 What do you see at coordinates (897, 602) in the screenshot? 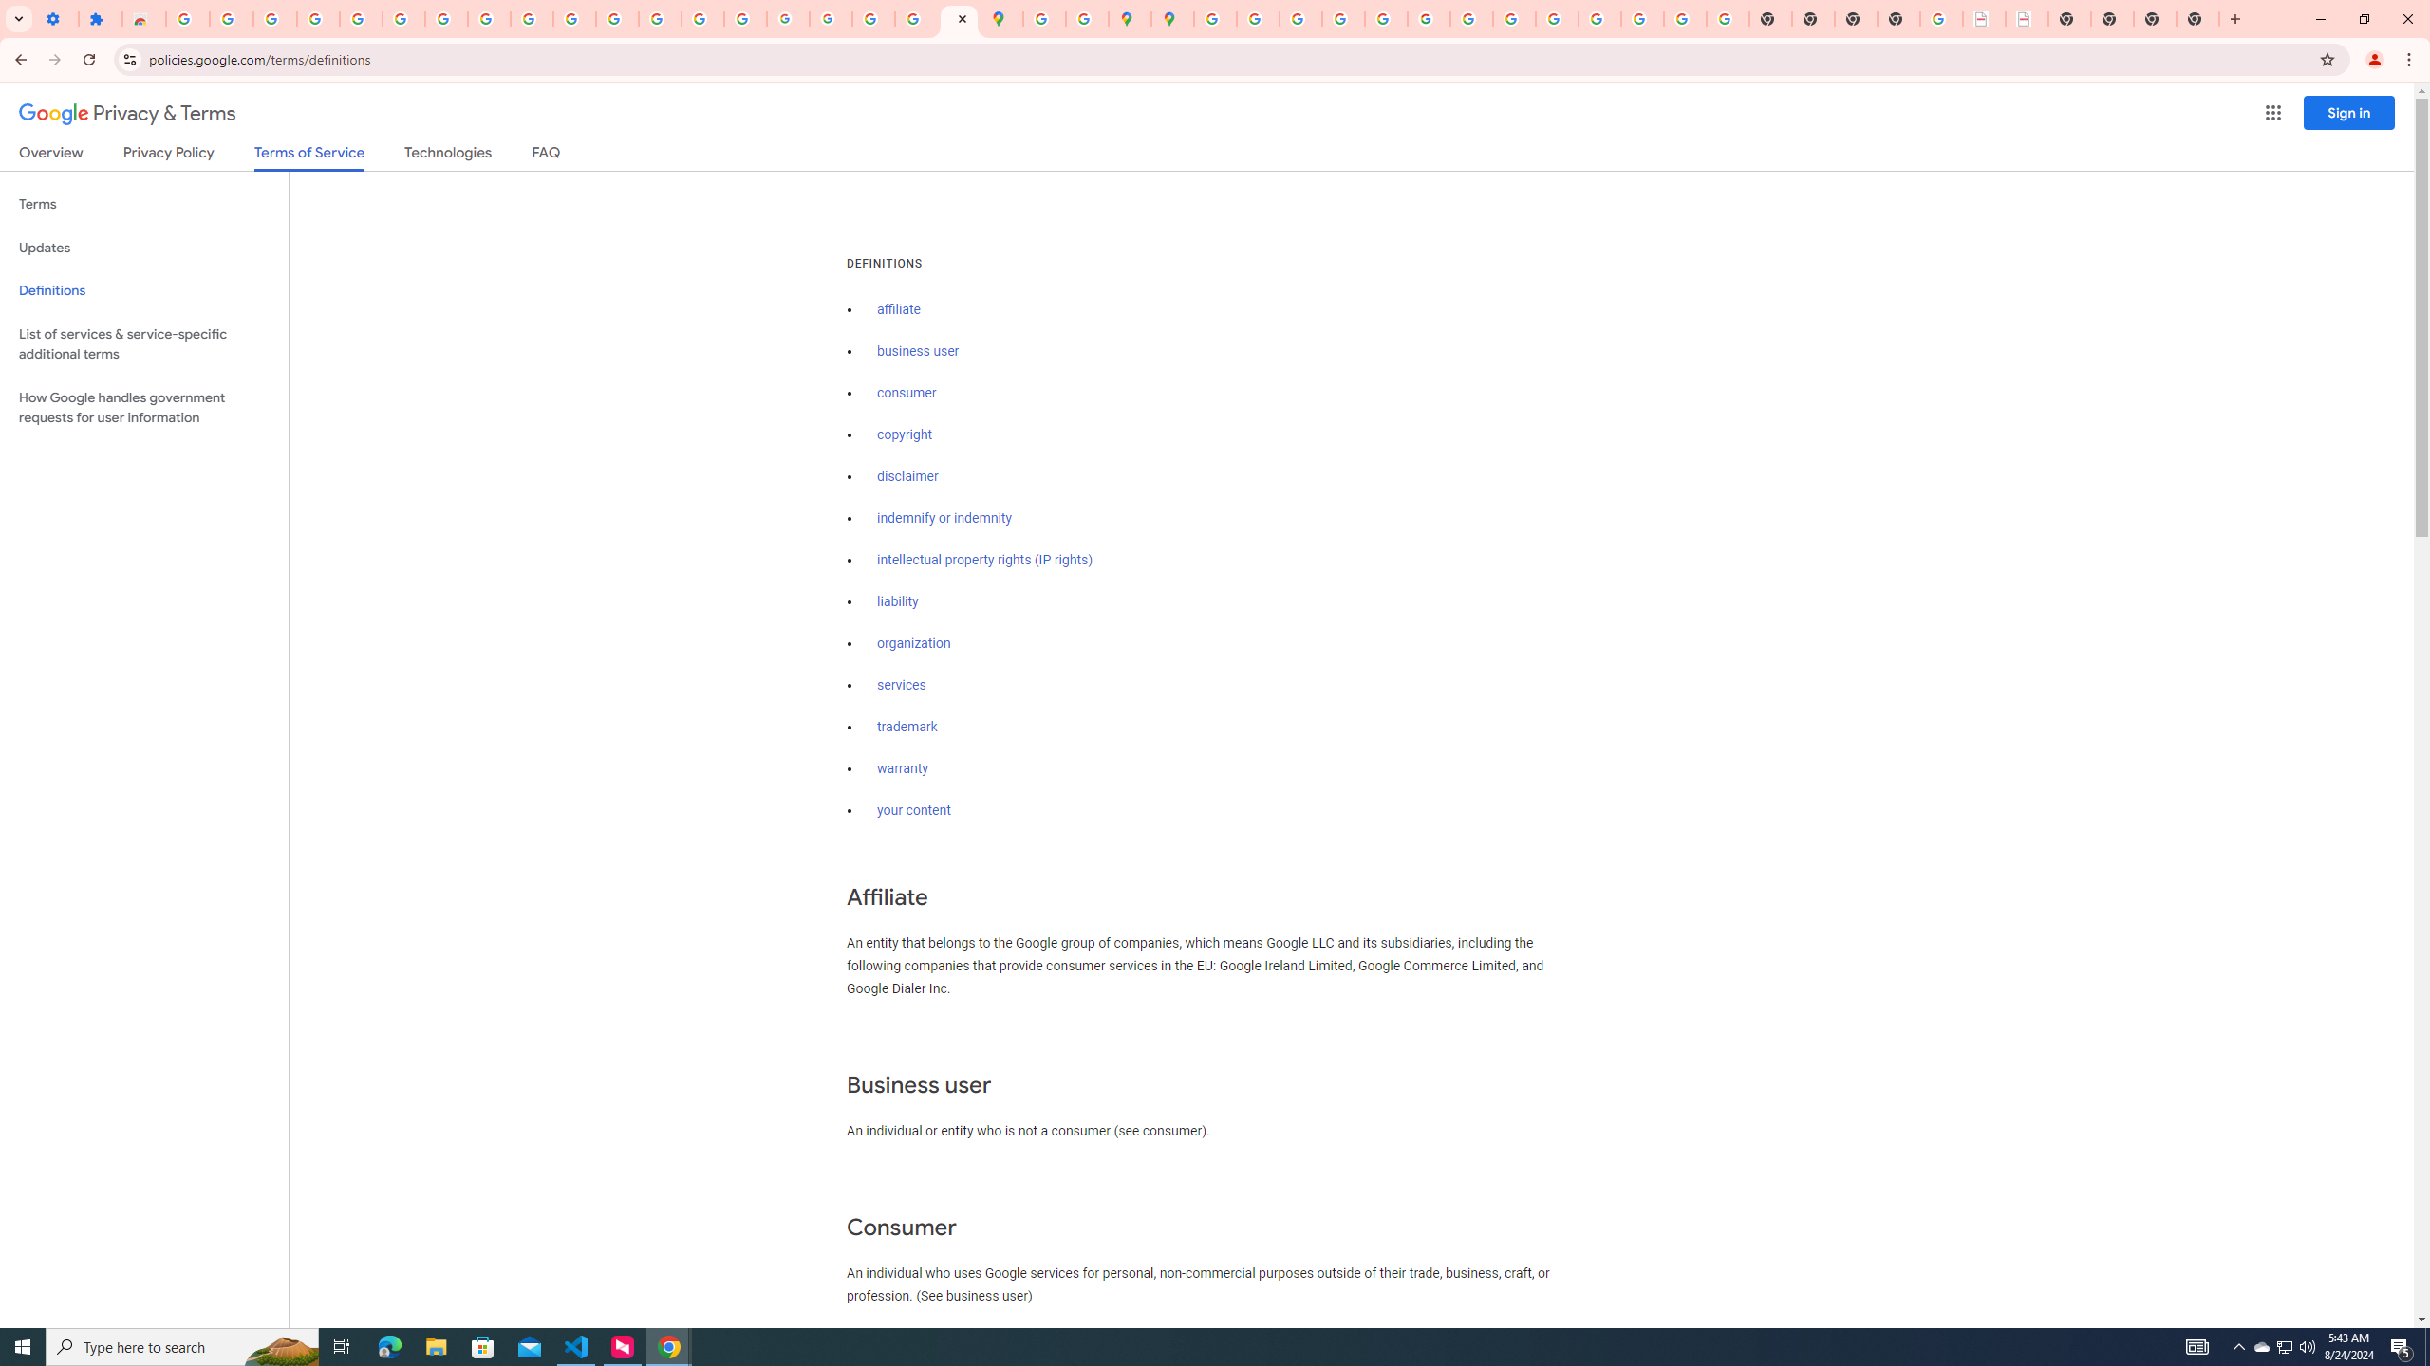
I see `'liability'` at bounding box center [897, 602].